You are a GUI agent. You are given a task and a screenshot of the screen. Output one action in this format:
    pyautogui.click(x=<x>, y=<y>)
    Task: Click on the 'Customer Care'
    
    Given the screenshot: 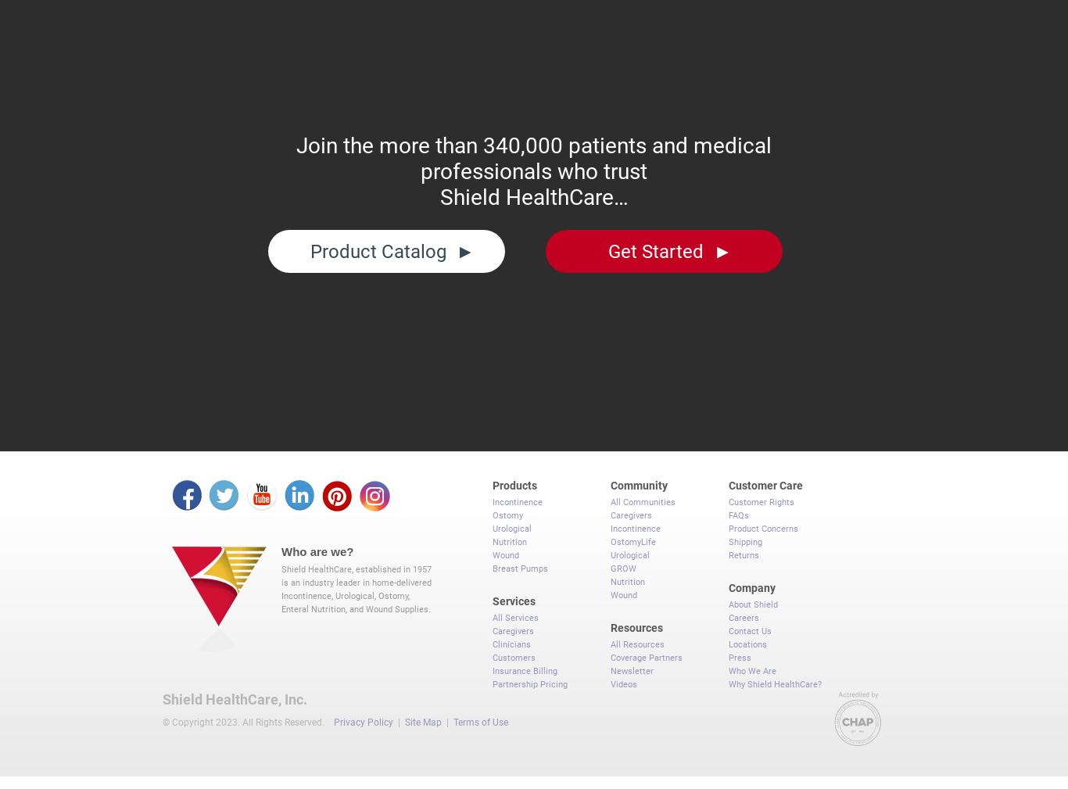 What is the action you would take?
    pyautogui.click(x=765, y=478)
    